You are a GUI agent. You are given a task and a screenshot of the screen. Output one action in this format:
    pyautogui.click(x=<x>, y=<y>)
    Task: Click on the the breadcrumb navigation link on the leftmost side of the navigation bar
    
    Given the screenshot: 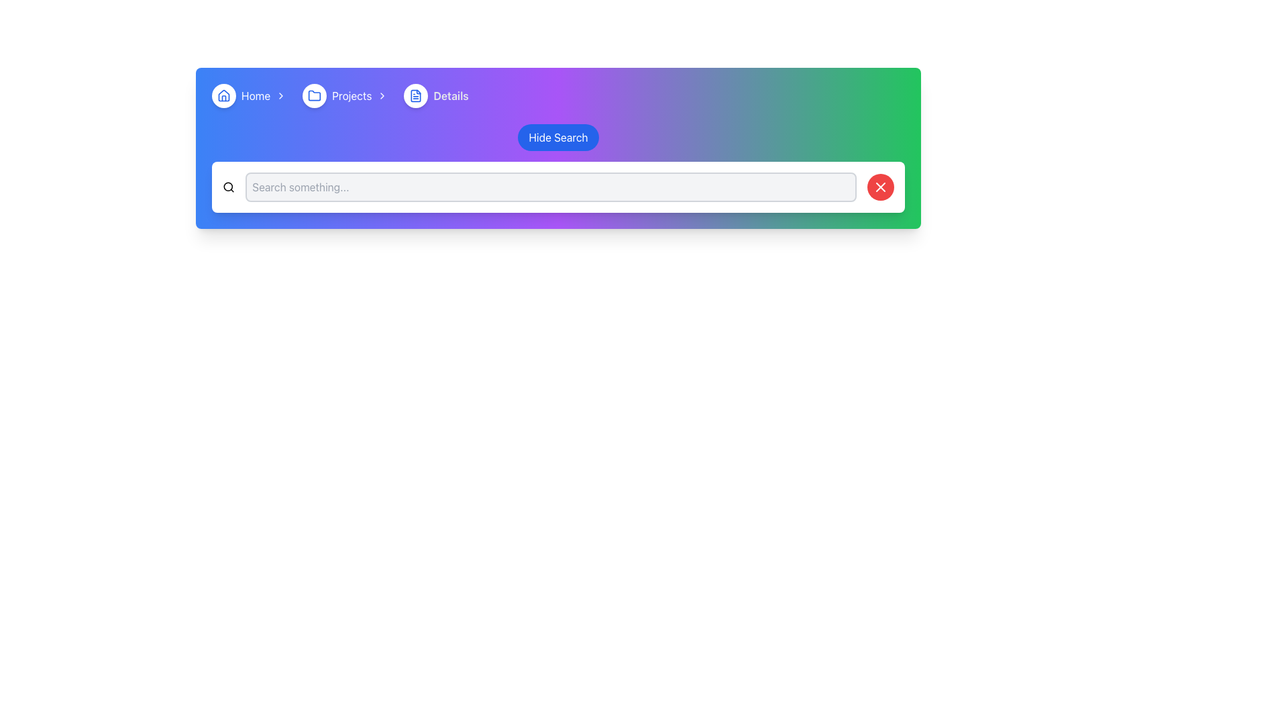 What is the action you would take?
    pyautogui.click(x=252, y=95)
    